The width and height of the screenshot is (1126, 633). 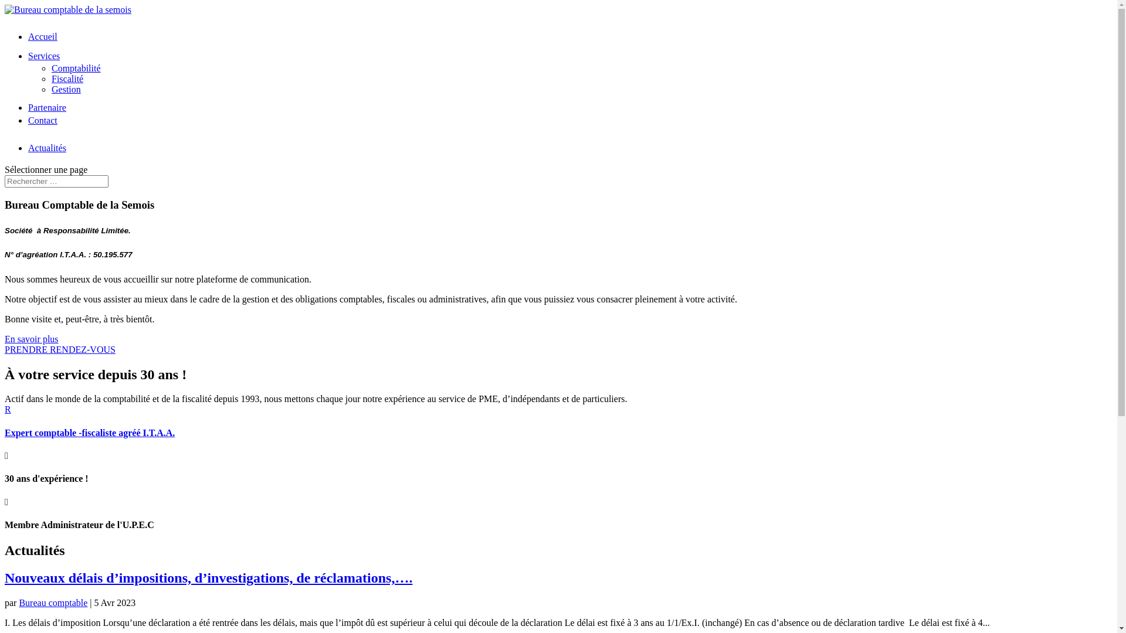 I want to click on 'R', so click(x=8, y=409).